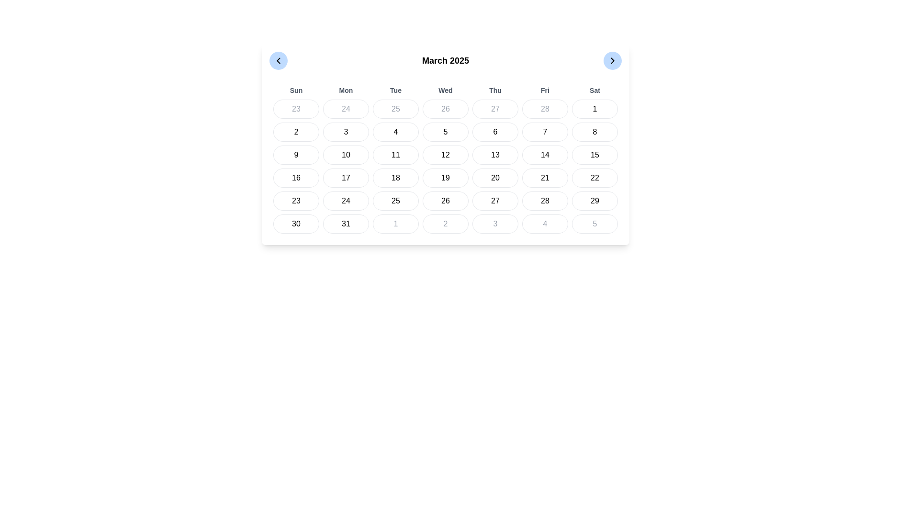 The image size is (919, 517). Describe the element at coordinates (395, 132) in the screenshot. I see `the circular button labeled '4' with a white background and a thin border` at that location.